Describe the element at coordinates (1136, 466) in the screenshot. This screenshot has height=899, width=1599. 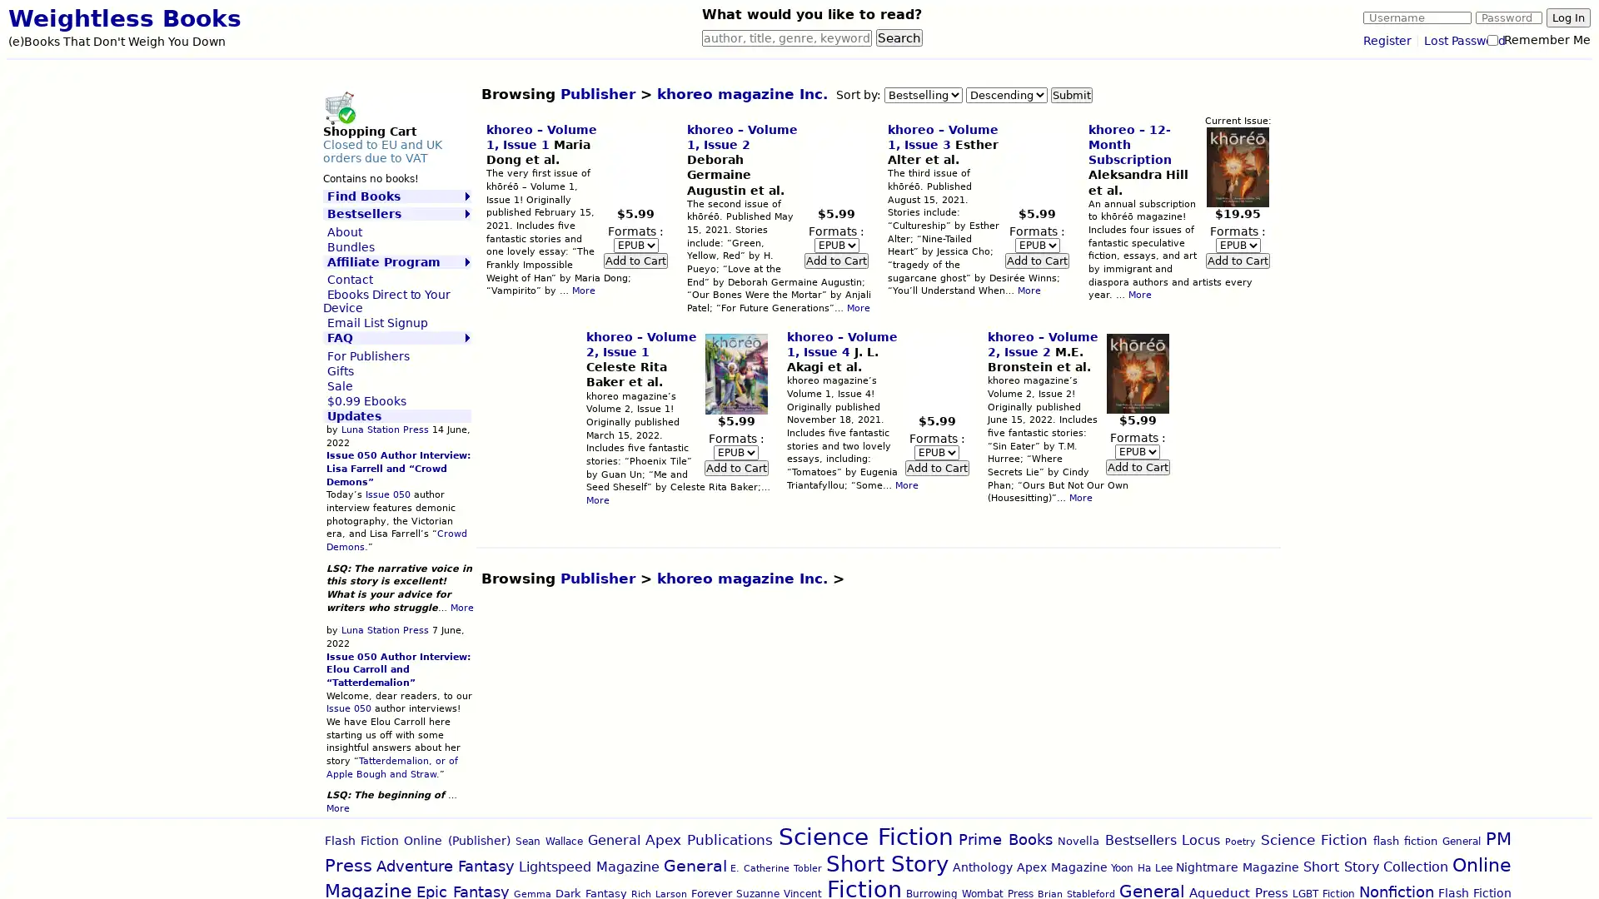
I see `Add to Cart` at that location.